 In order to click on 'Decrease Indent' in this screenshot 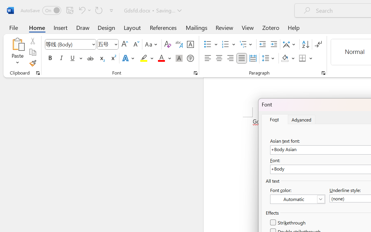, I will do `click(262, 44)`.